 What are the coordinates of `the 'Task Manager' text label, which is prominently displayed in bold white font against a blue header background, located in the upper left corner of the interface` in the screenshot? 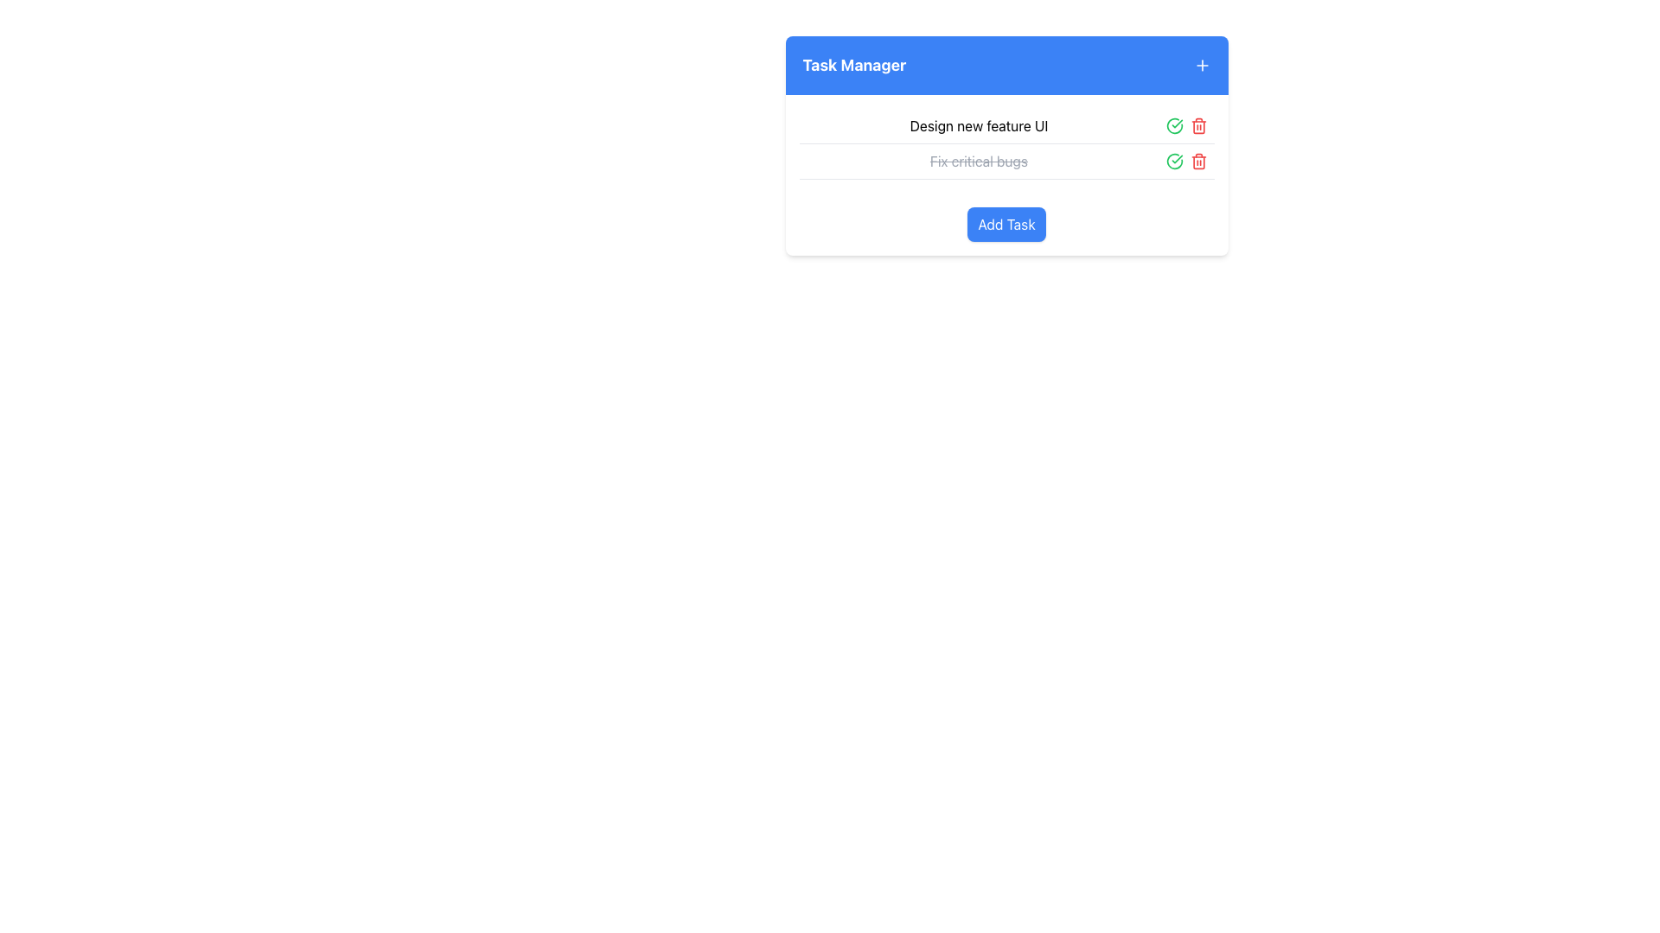 It's located at (854, 65).